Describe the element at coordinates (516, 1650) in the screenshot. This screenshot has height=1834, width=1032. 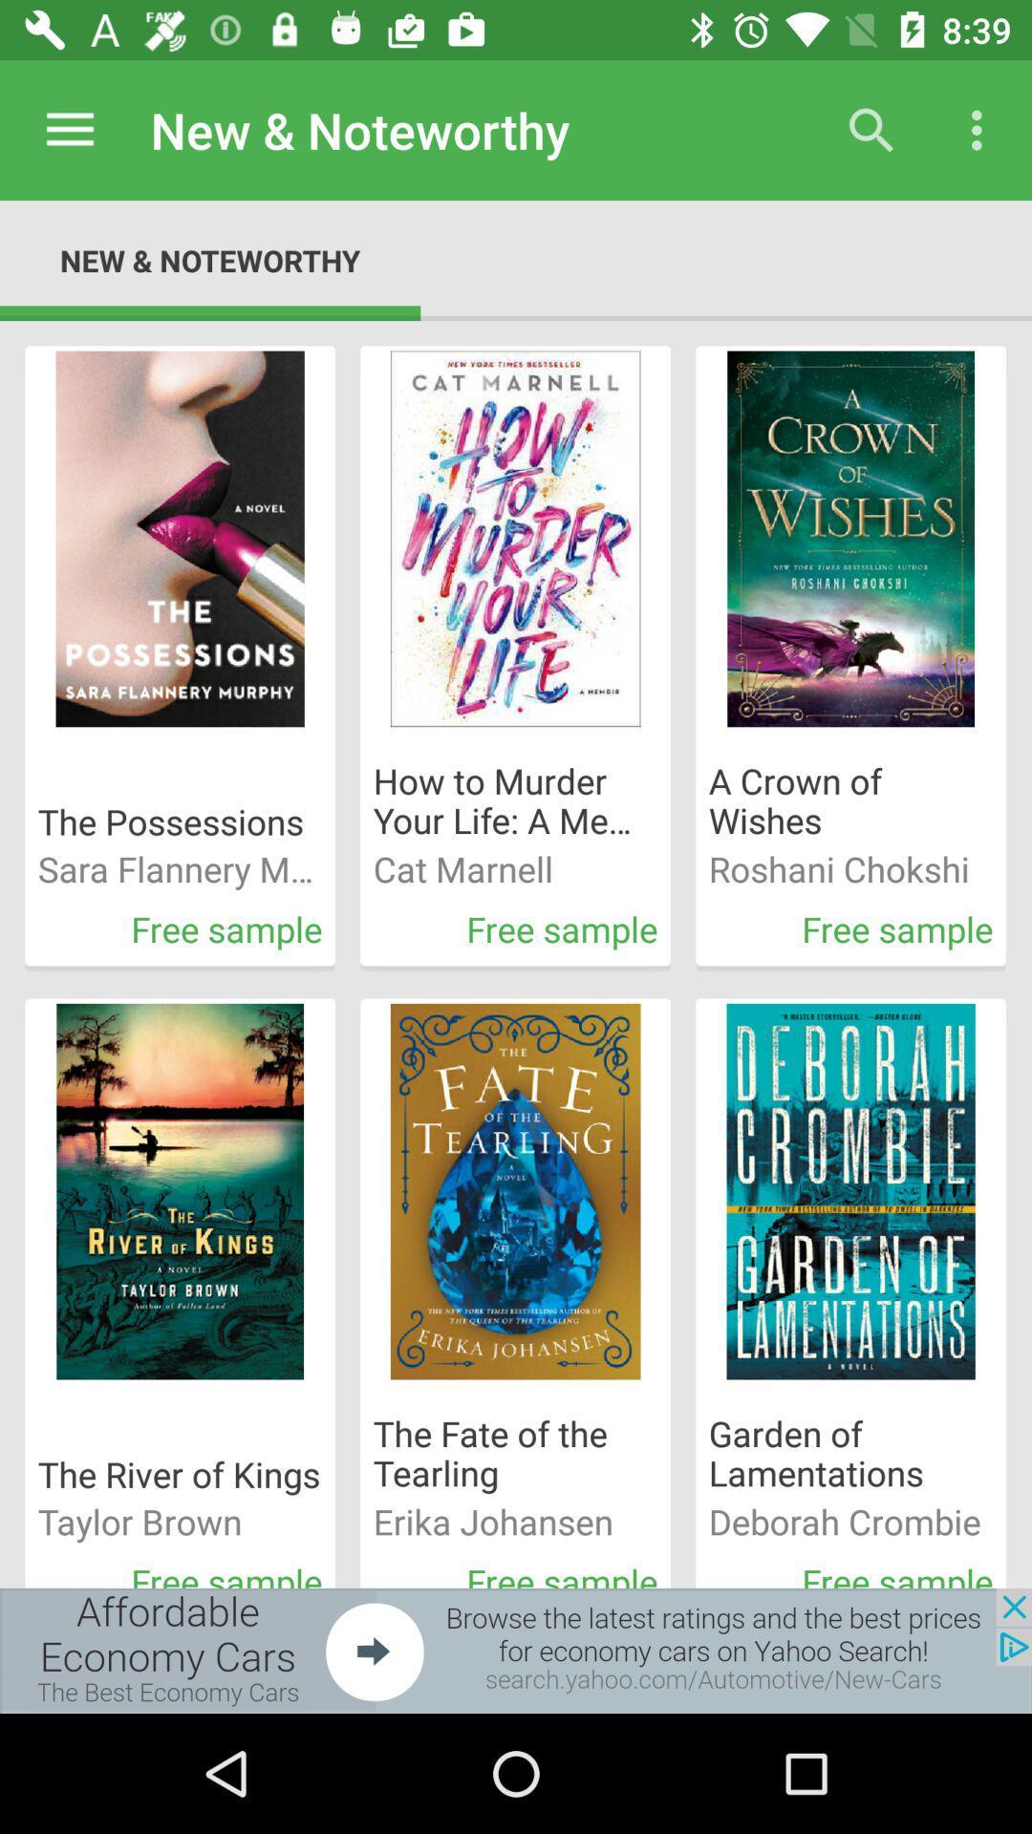
I see `advertisements website` at that location.